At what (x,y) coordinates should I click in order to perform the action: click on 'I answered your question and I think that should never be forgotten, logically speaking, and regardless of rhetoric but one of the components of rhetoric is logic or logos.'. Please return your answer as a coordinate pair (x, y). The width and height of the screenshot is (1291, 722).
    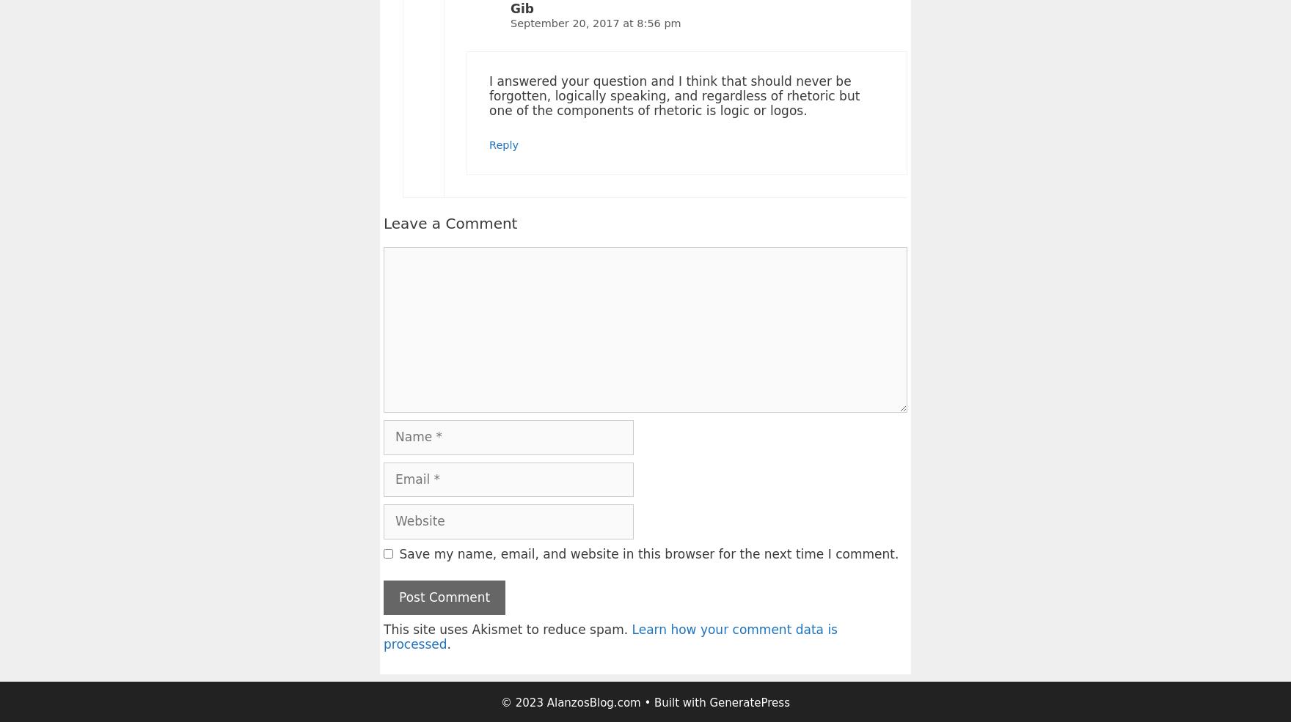
    Looking at the image, I should click on (674, 95).